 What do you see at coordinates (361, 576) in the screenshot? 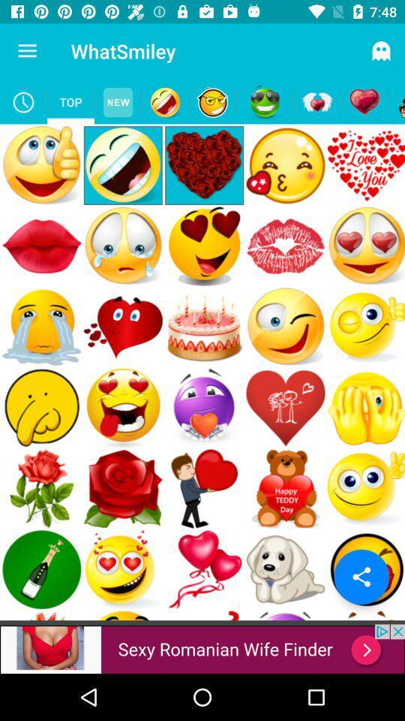
I see `open settings` at bounding box center [361, 576].